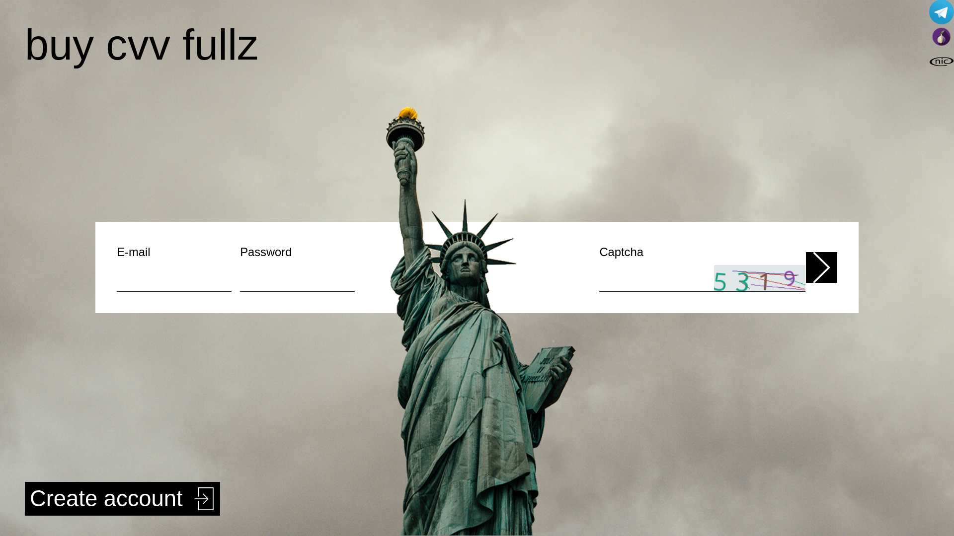 The height and width of the screenshot is (536, 954). I want to click on 'Create account', so click(122, 499).